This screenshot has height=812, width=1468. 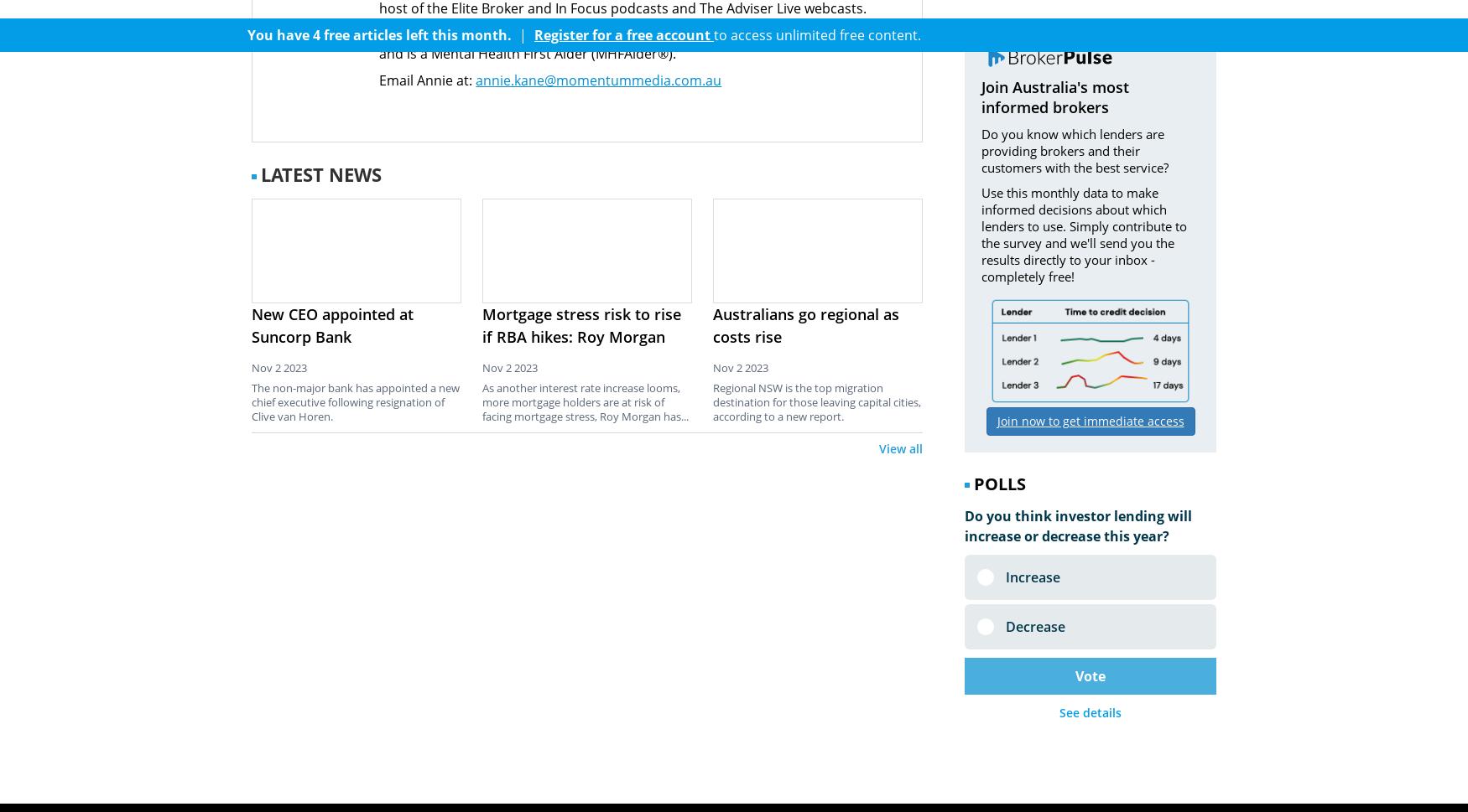 What do you see at coordinates (482, 324) in the screenshot?
I see `'Mortgage stress risk to rise if RBA hikes: Roy Morgan'` at bounding box center [482, 324].